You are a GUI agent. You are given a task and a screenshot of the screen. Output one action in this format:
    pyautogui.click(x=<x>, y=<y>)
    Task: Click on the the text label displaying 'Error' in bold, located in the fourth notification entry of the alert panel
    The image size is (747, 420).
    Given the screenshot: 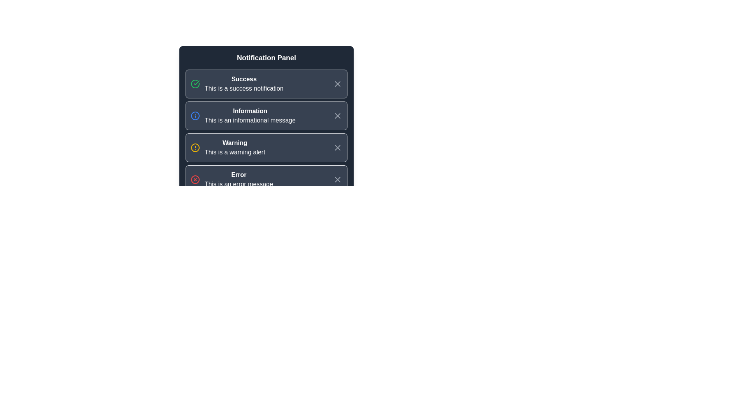 What is the action you would take?
    pyautogui.click(x=238, y=175)
    